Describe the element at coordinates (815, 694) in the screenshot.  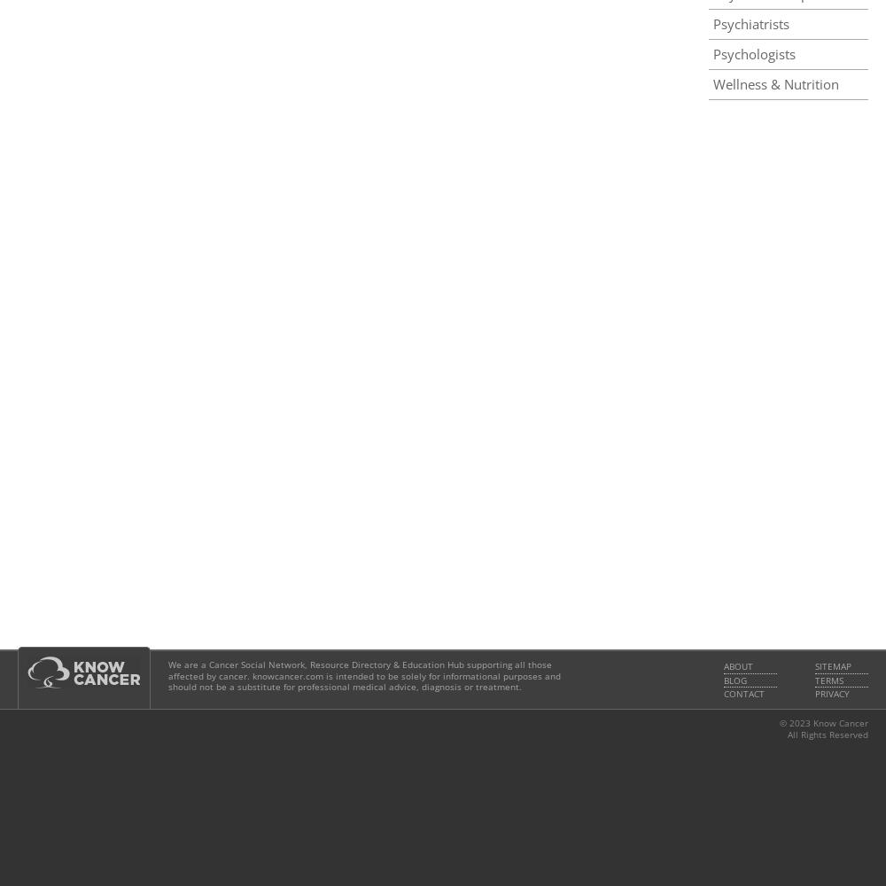
I see `'Privacy'` at that location.